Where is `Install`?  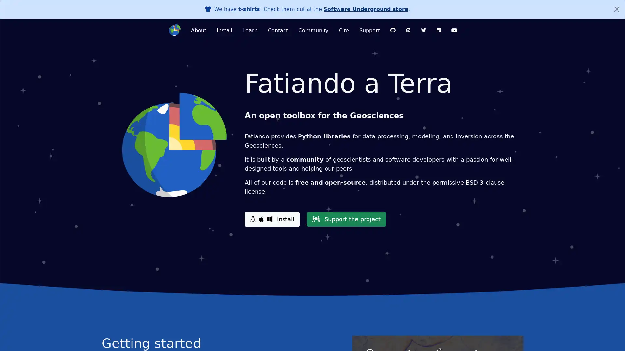 Install is located at coordinates (272, 219).